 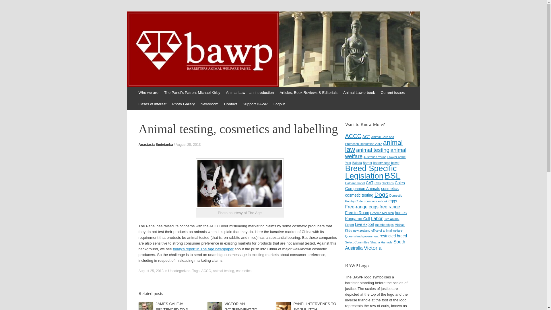 What do you see at coordinates (359, 92) in the screenshot?
I see `'Animal Law e-book'` at bounding box center [359, 92].